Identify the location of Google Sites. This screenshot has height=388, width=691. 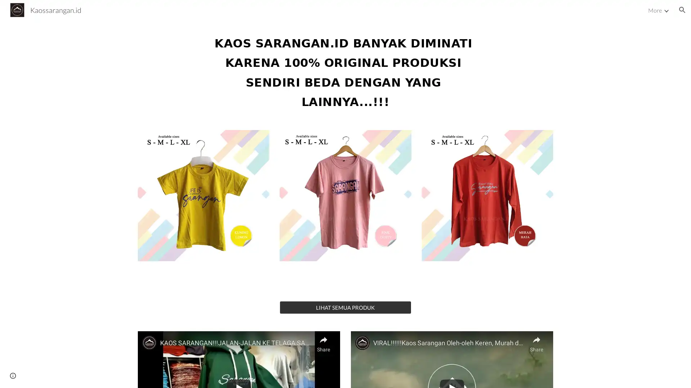
(55, 375).